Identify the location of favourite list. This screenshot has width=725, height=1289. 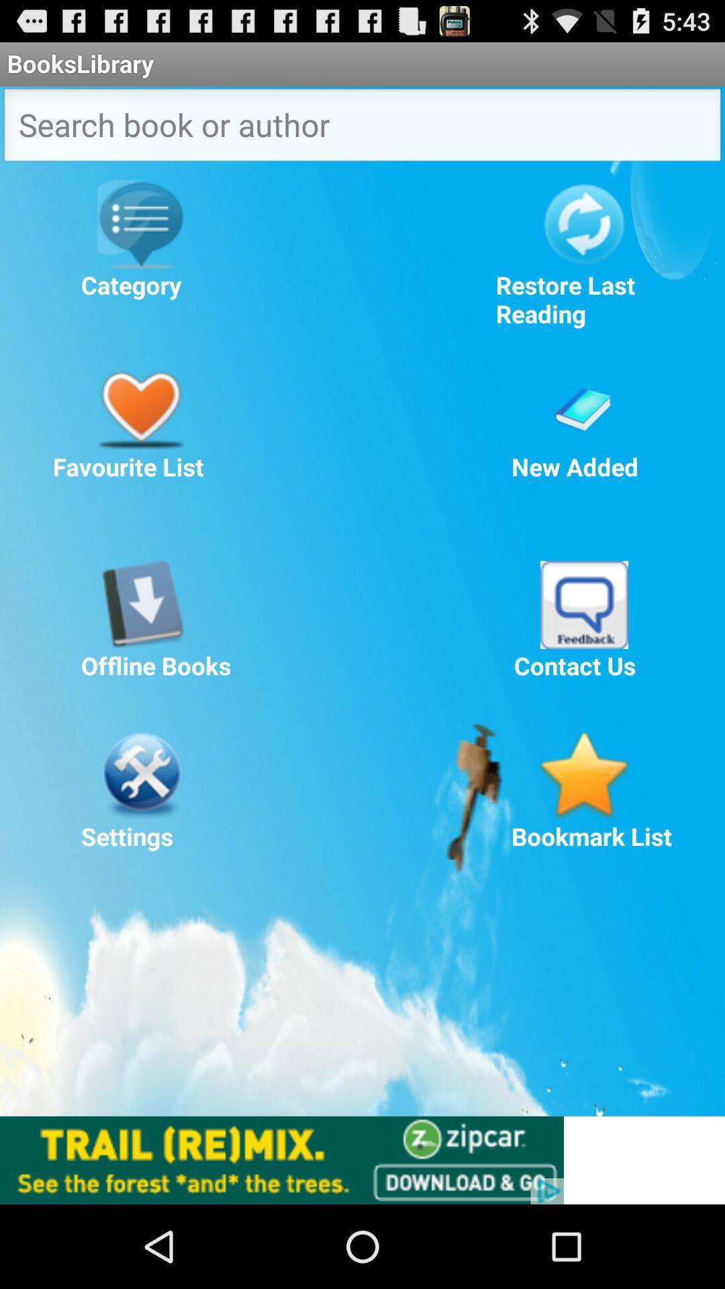
(140, 405).